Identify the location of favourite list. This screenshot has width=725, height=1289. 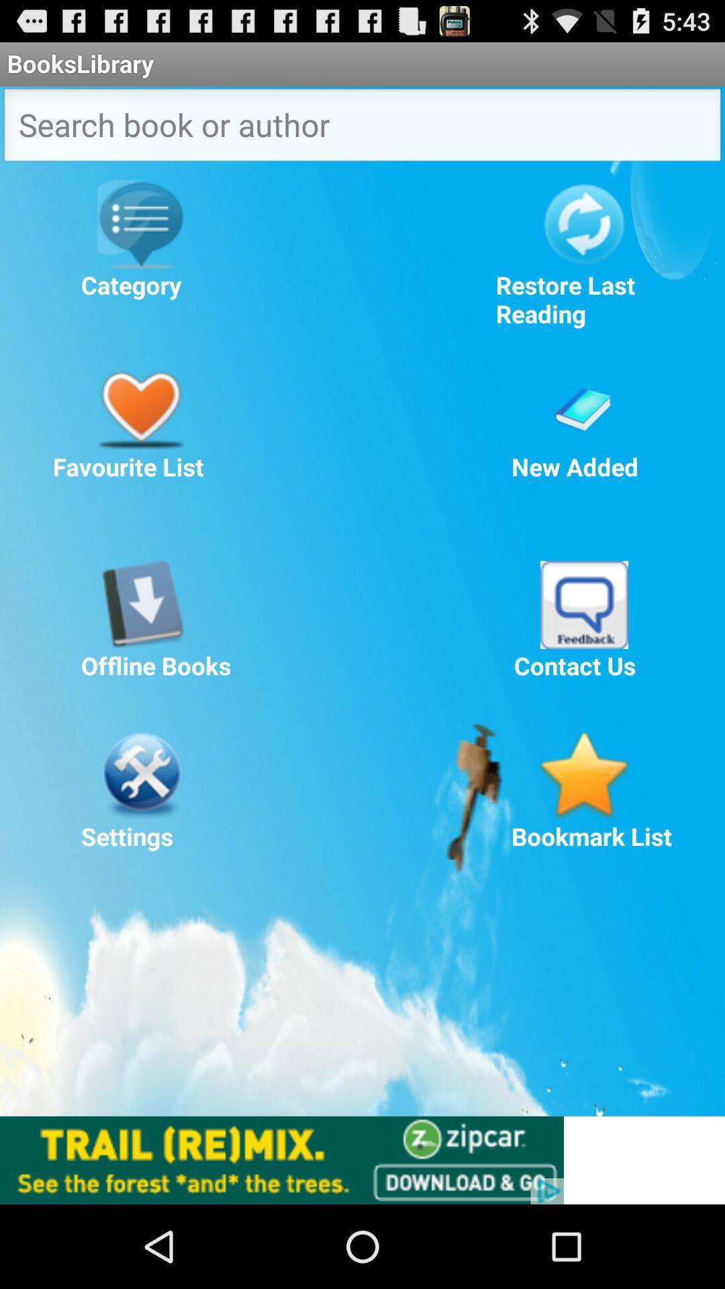
(140, 405).